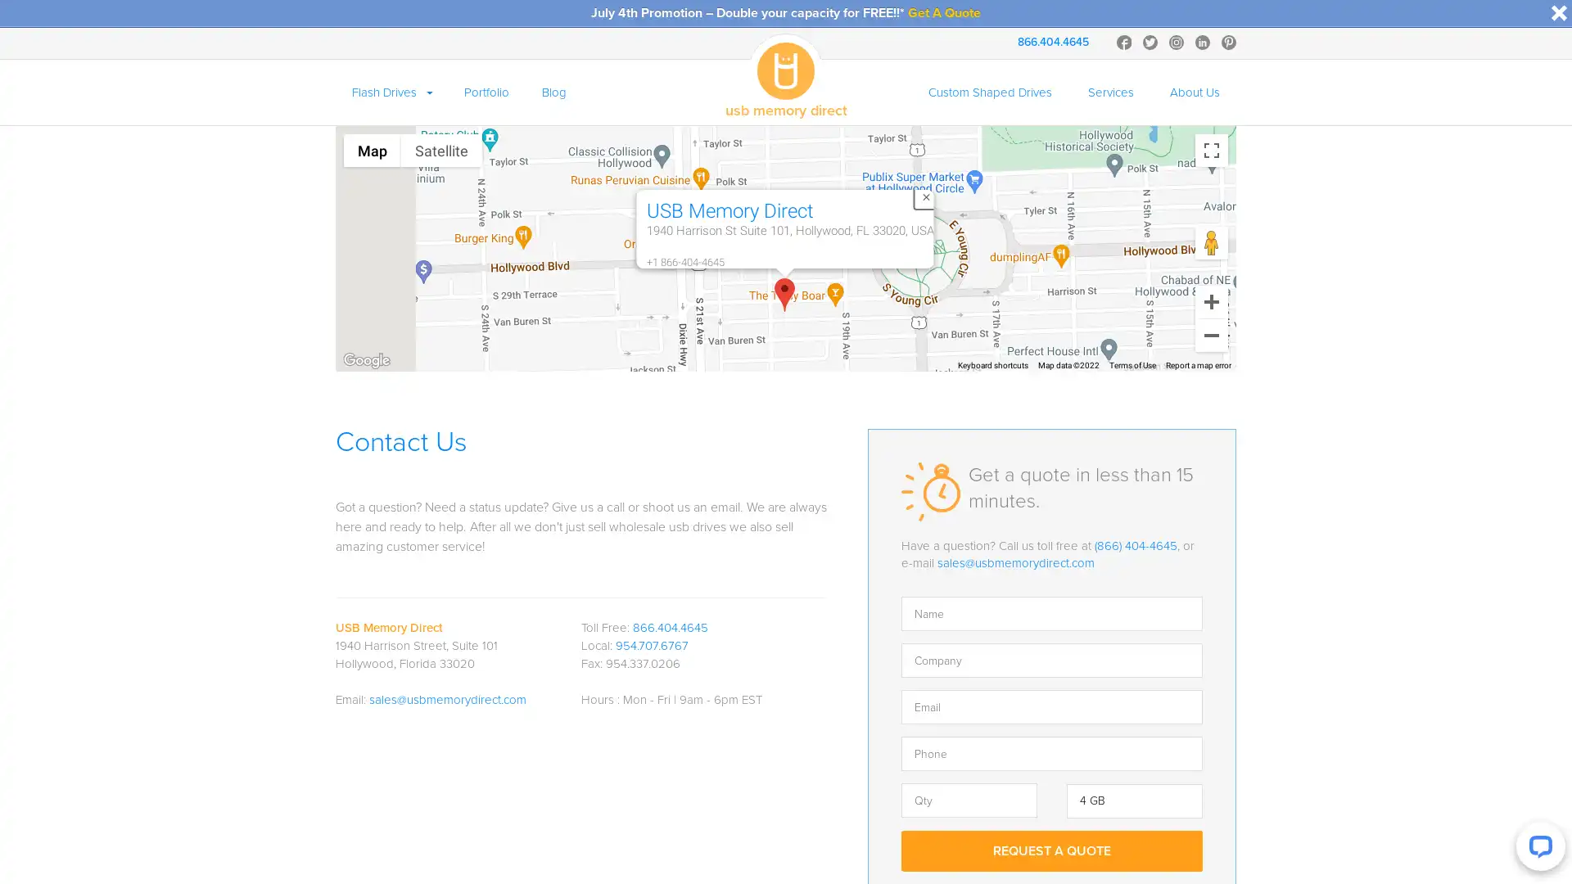  Describe the element at coordinates (926, 196) in the screenshot. I see `Close` at that location.